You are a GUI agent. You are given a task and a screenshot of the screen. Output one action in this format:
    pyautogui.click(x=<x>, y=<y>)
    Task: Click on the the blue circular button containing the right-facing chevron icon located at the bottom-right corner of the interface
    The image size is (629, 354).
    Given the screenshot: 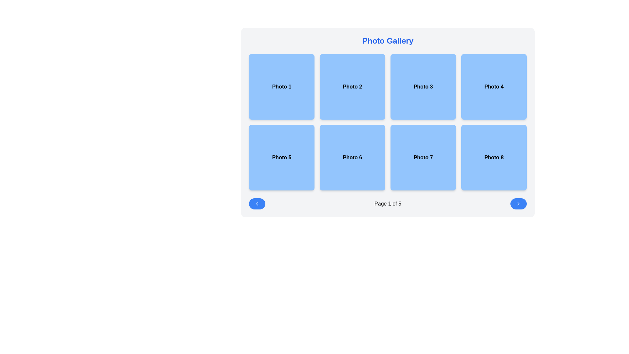 What is the action you would take?
    pyautogui.click(x=518, y=203)
    